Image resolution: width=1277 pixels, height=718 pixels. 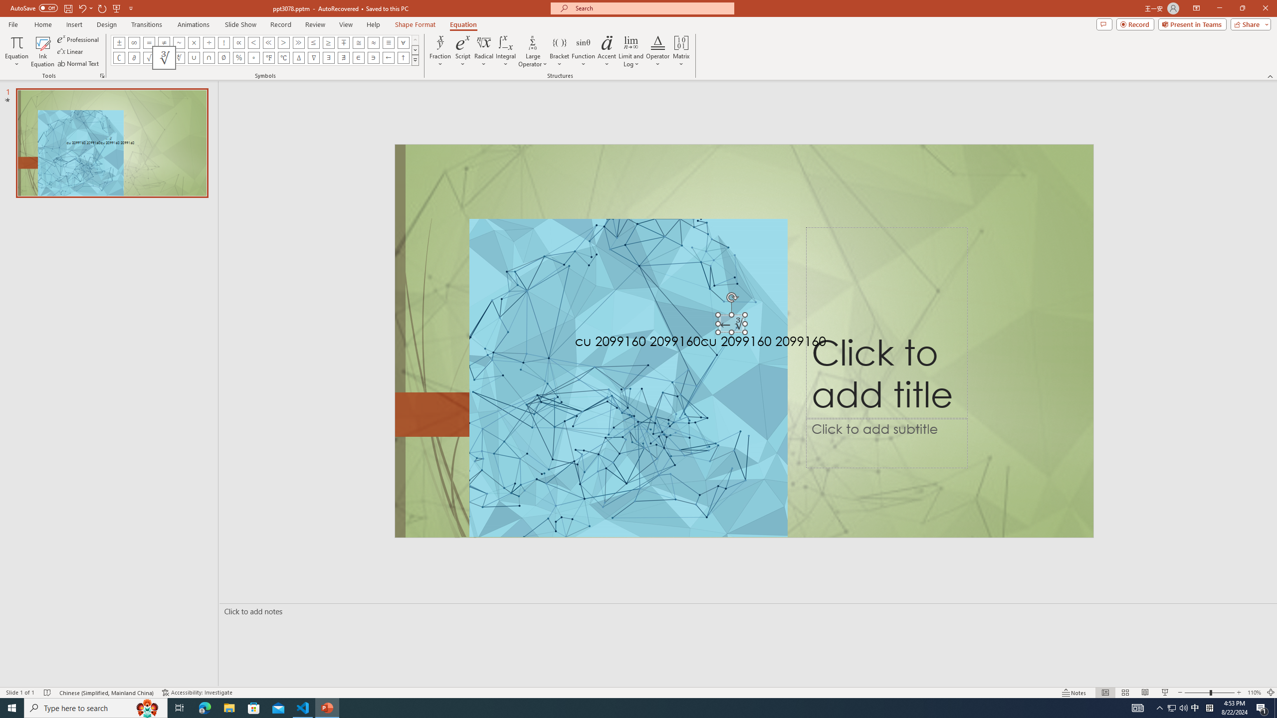 What do you see at coordinates (313, 42) in the screenshot?
I see `'Equation Symbol Less Than or Equal To'` at bounding box center [313, 42].